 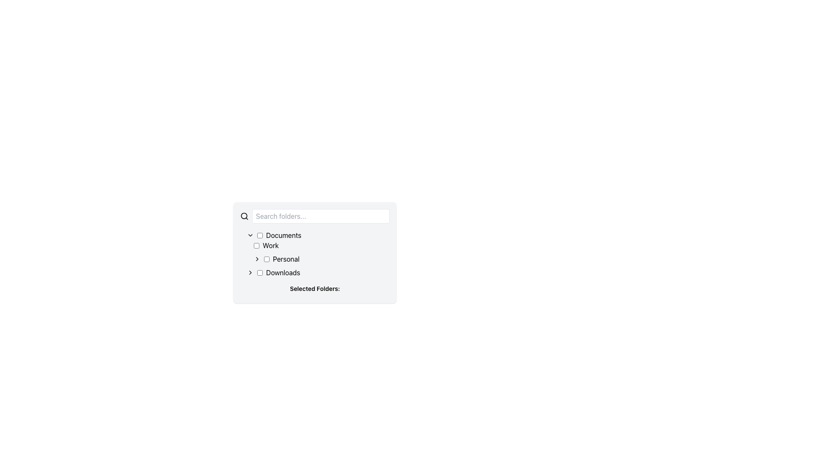 I want to click on the text label displaying the word 'Documents' which is associated with a checkbox on its left side, so click(x=284, y=235).